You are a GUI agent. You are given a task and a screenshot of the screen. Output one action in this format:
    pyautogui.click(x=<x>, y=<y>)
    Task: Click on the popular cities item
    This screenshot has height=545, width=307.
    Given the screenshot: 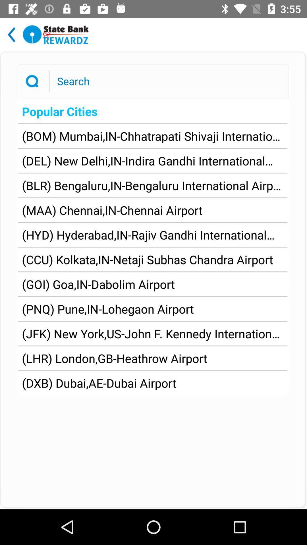 What is the action you would take?
    pyautogui.click(x=152, y=111)
    